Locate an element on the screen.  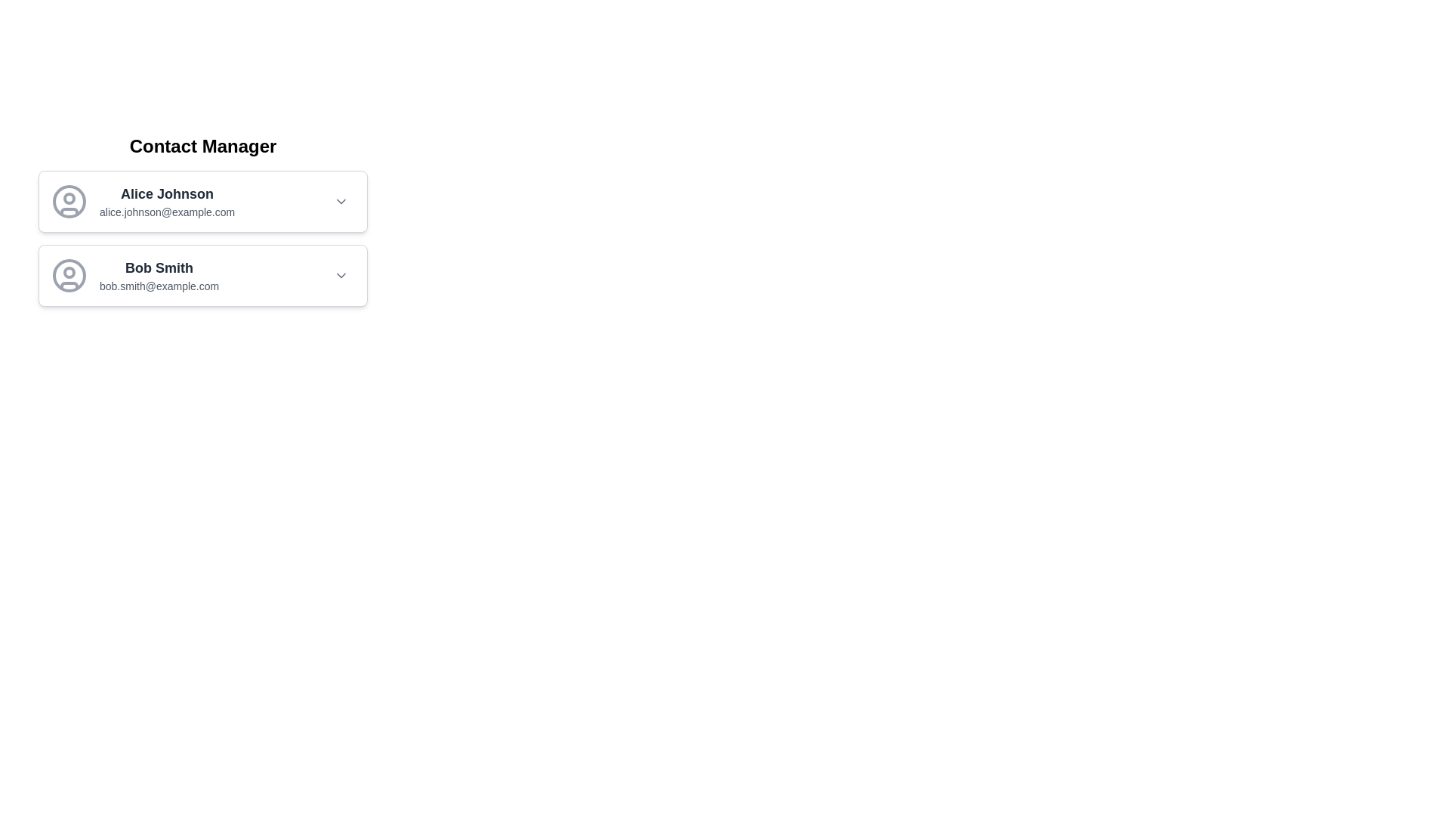
the circular button icon adjacent to 'Alice Johnson' to check its visual feedback is located at coordinates (340, 200).